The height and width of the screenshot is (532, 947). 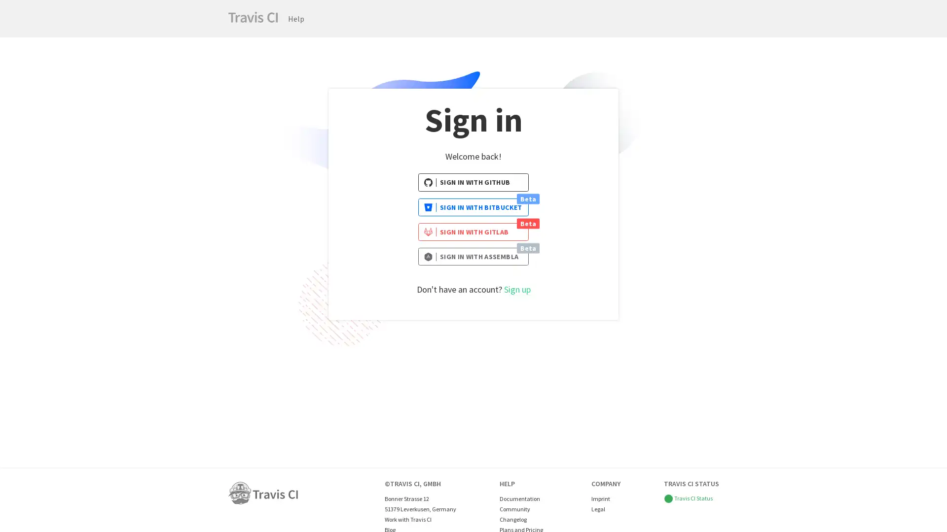 What do you see at coordinates (473, 206) in the screenshot?
I see `SIGN IN WITH BITBUCKET Beta` at bounding box center [473, 206].